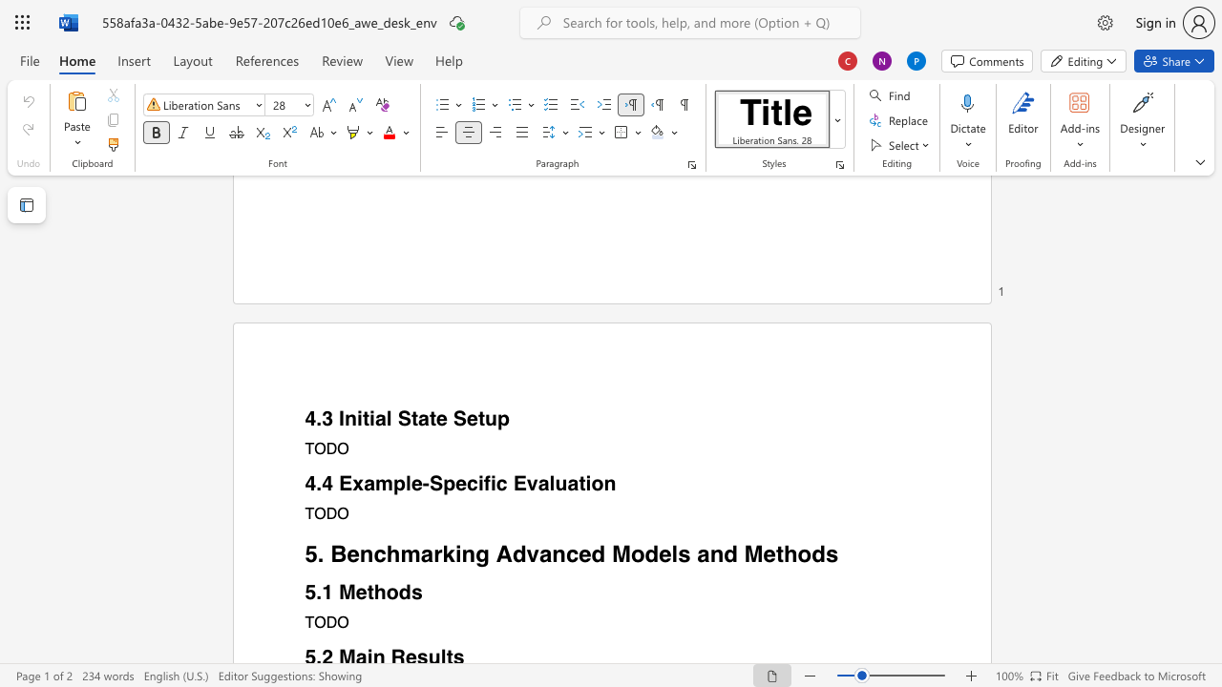 The image size is (1222, 687). Describe the element at coordinates (322, 592) in the screenshot. I see `the subset text "1 Meth" within the text "5.1 Methods"` at that location.